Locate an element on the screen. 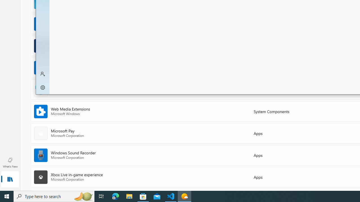 The image size is (360, 202). 'Microsoft Store - 1 running window' is located at coordinates (143, 196).